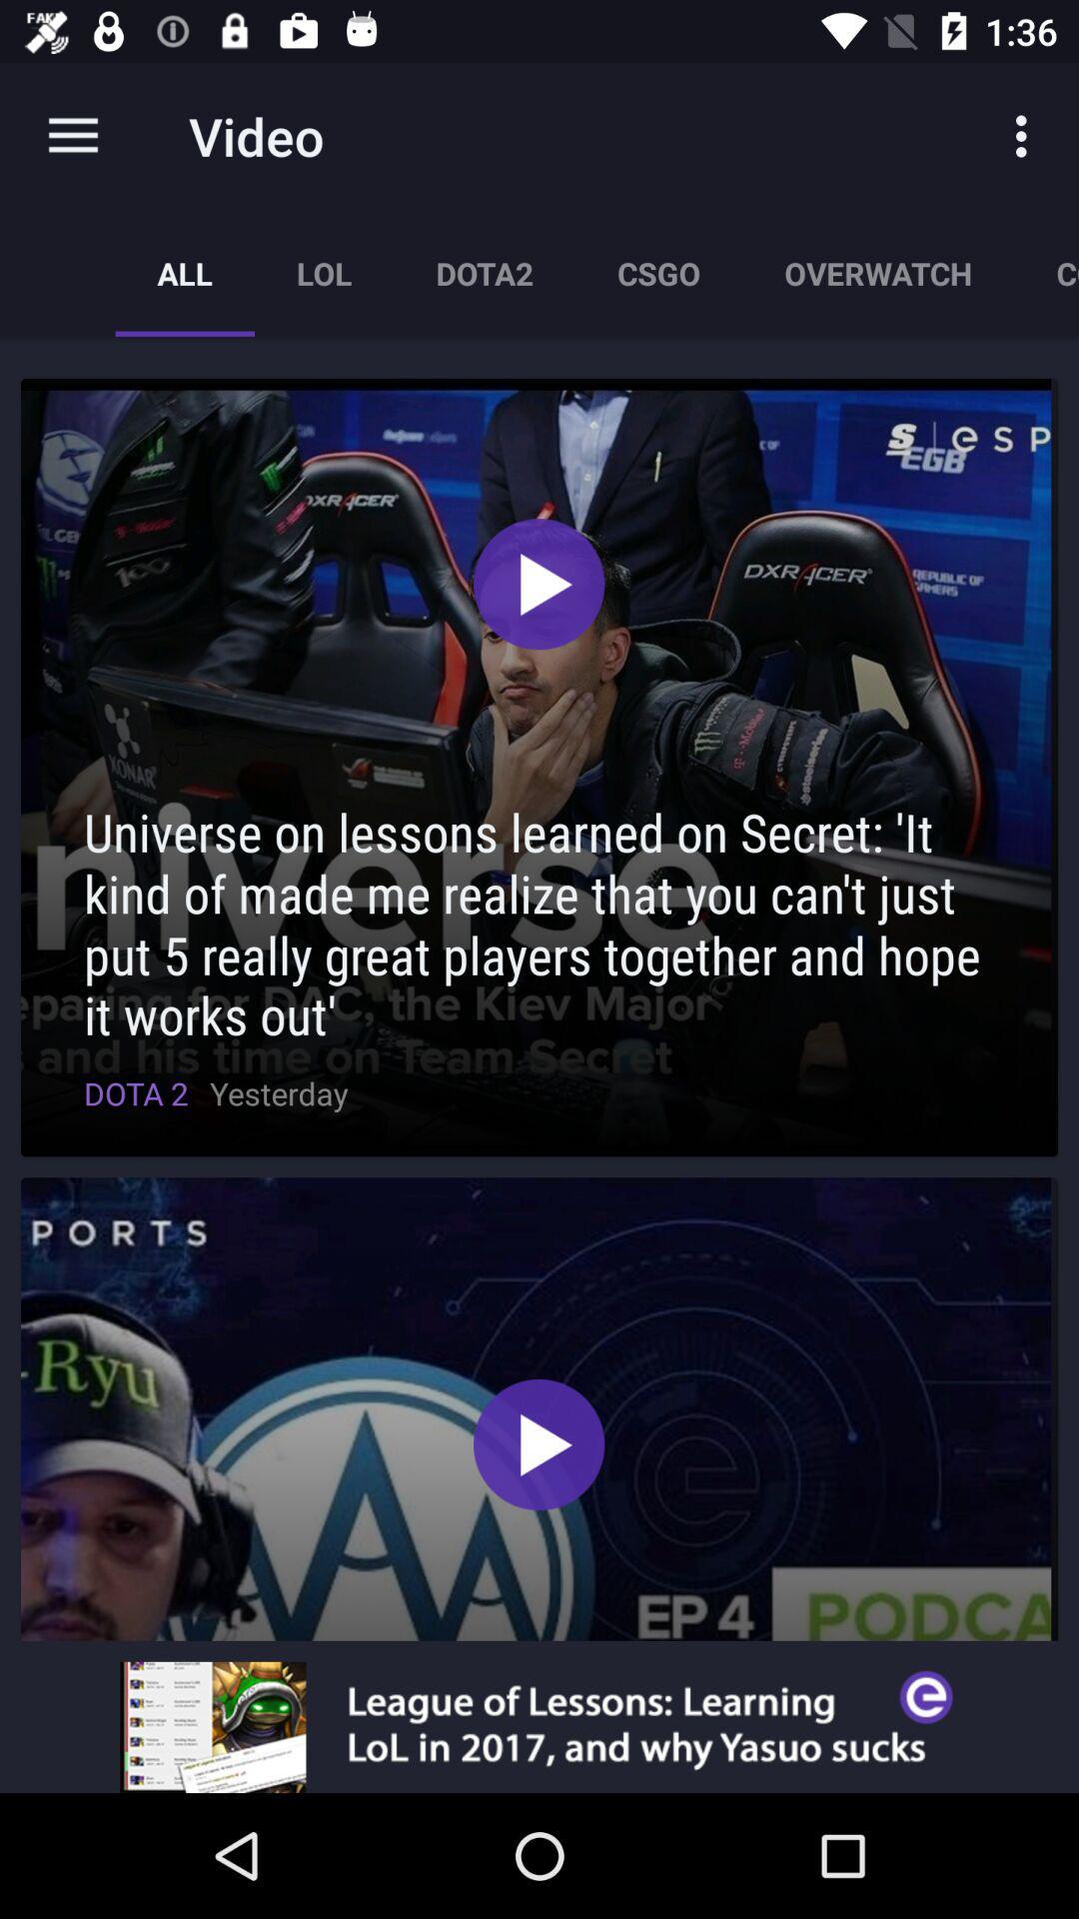  What do you see at coordinates (539, 1726) in the screenshot?
I see `advertisement` at bounding box center [539, 1726].